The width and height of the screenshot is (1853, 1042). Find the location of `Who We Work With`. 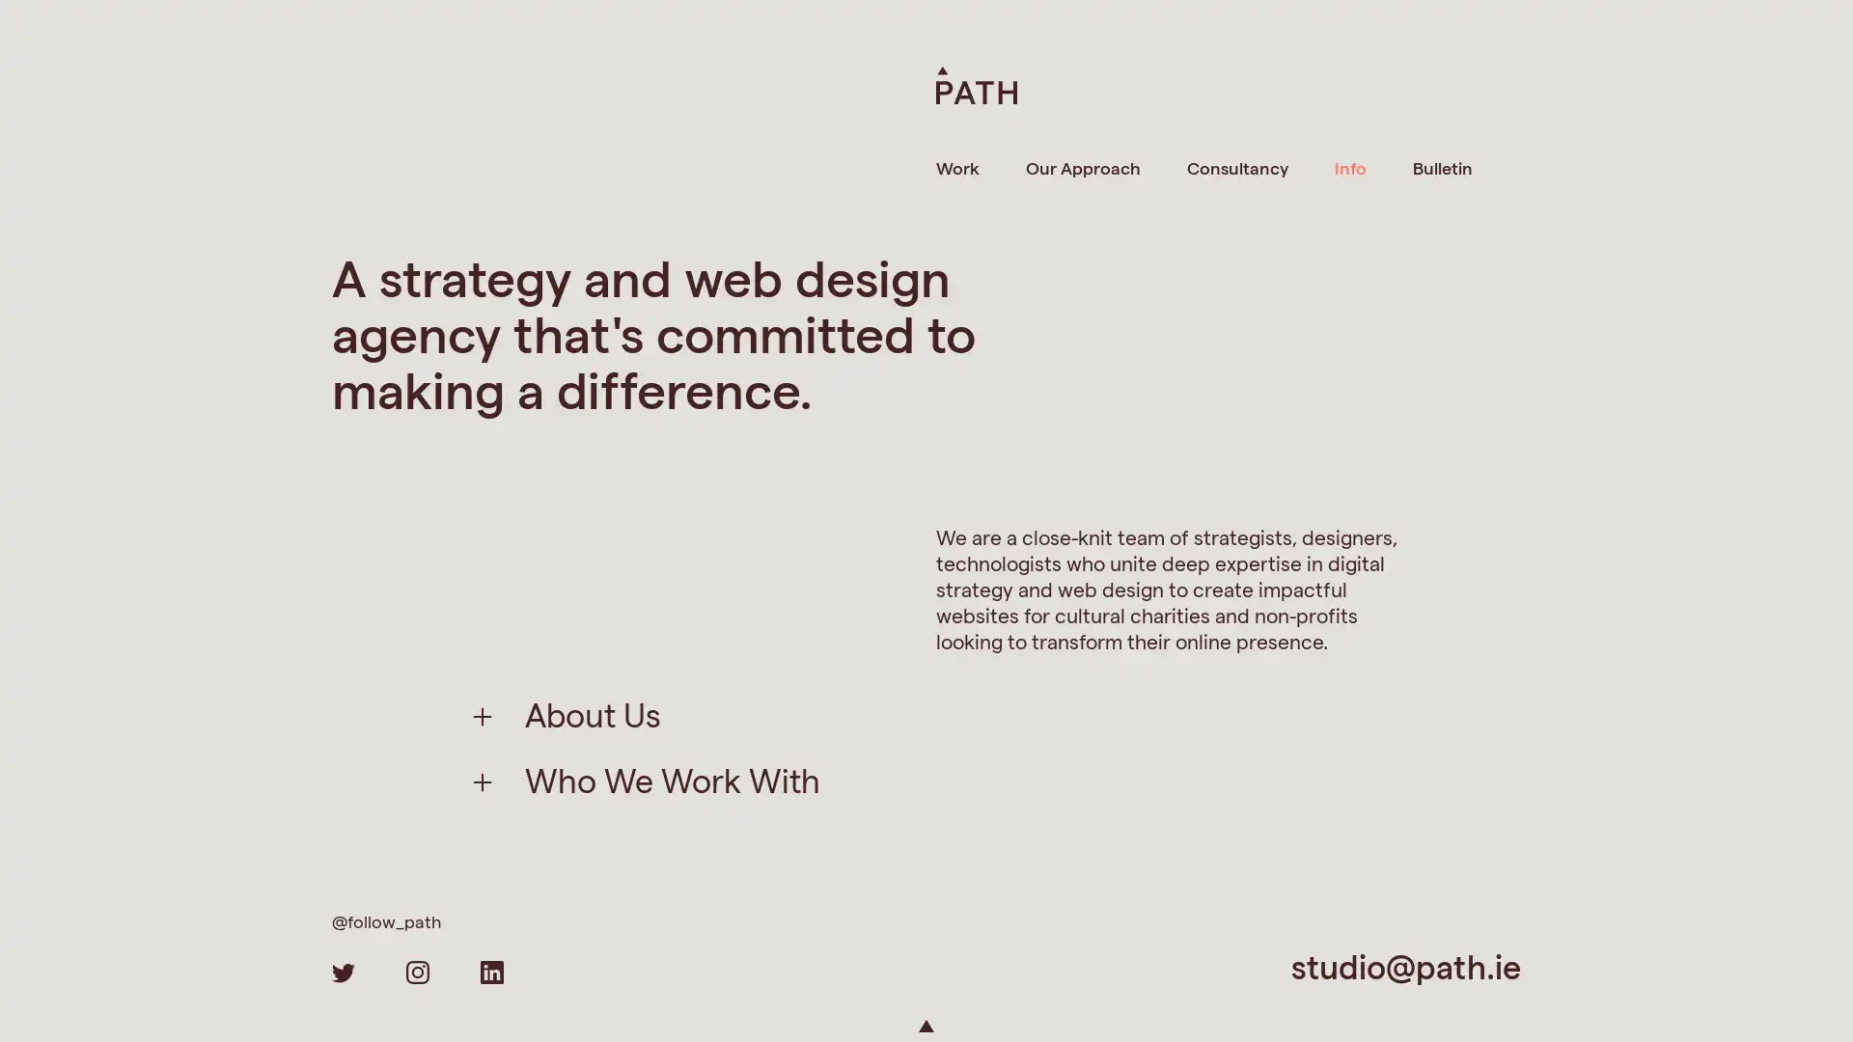

Who We Work With is located at coordinates (672, 778).